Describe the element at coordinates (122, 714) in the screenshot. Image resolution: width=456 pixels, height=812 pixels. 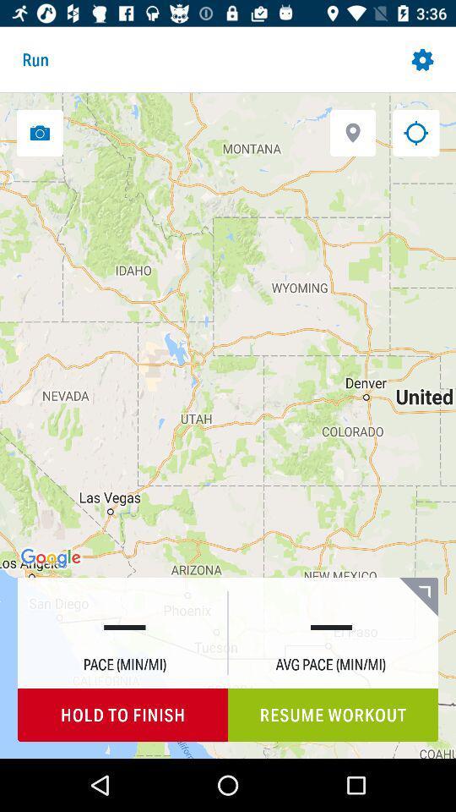
I see `the item next to resume workout item` at that location.